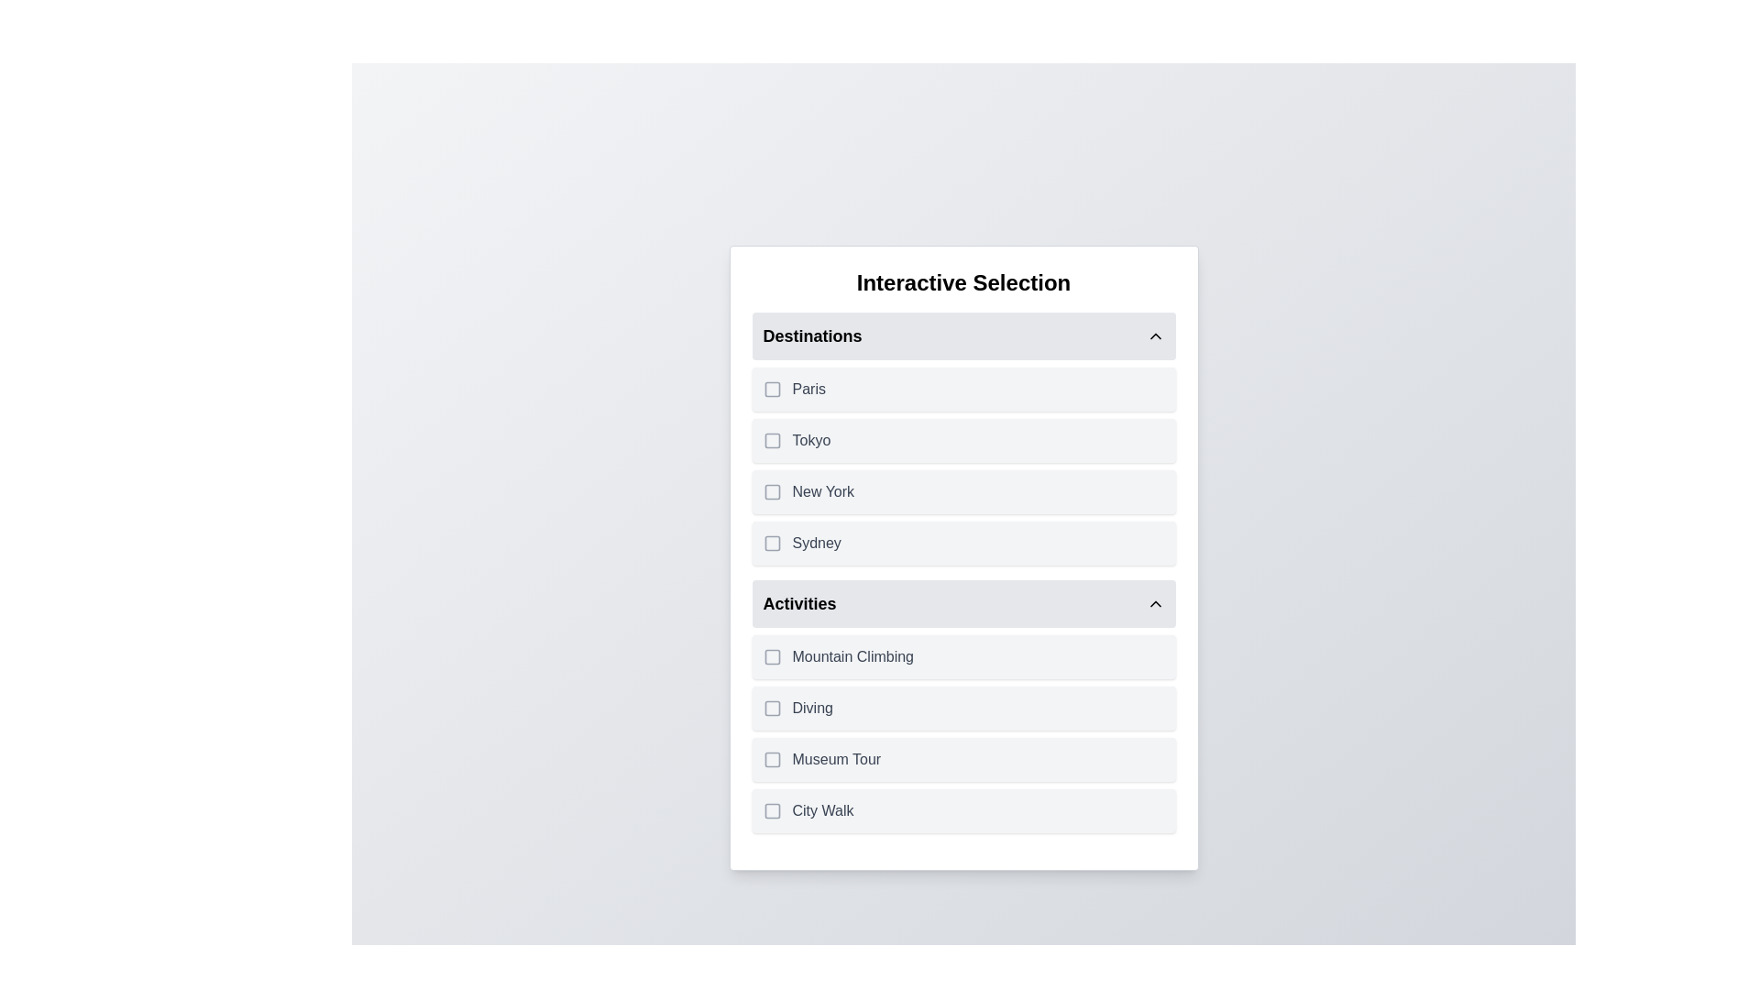  What do you see at coordinates (962, 707) in the screenshot?
I see `the item Diving to trigger its hover effect` at bounding box center [962, 707].